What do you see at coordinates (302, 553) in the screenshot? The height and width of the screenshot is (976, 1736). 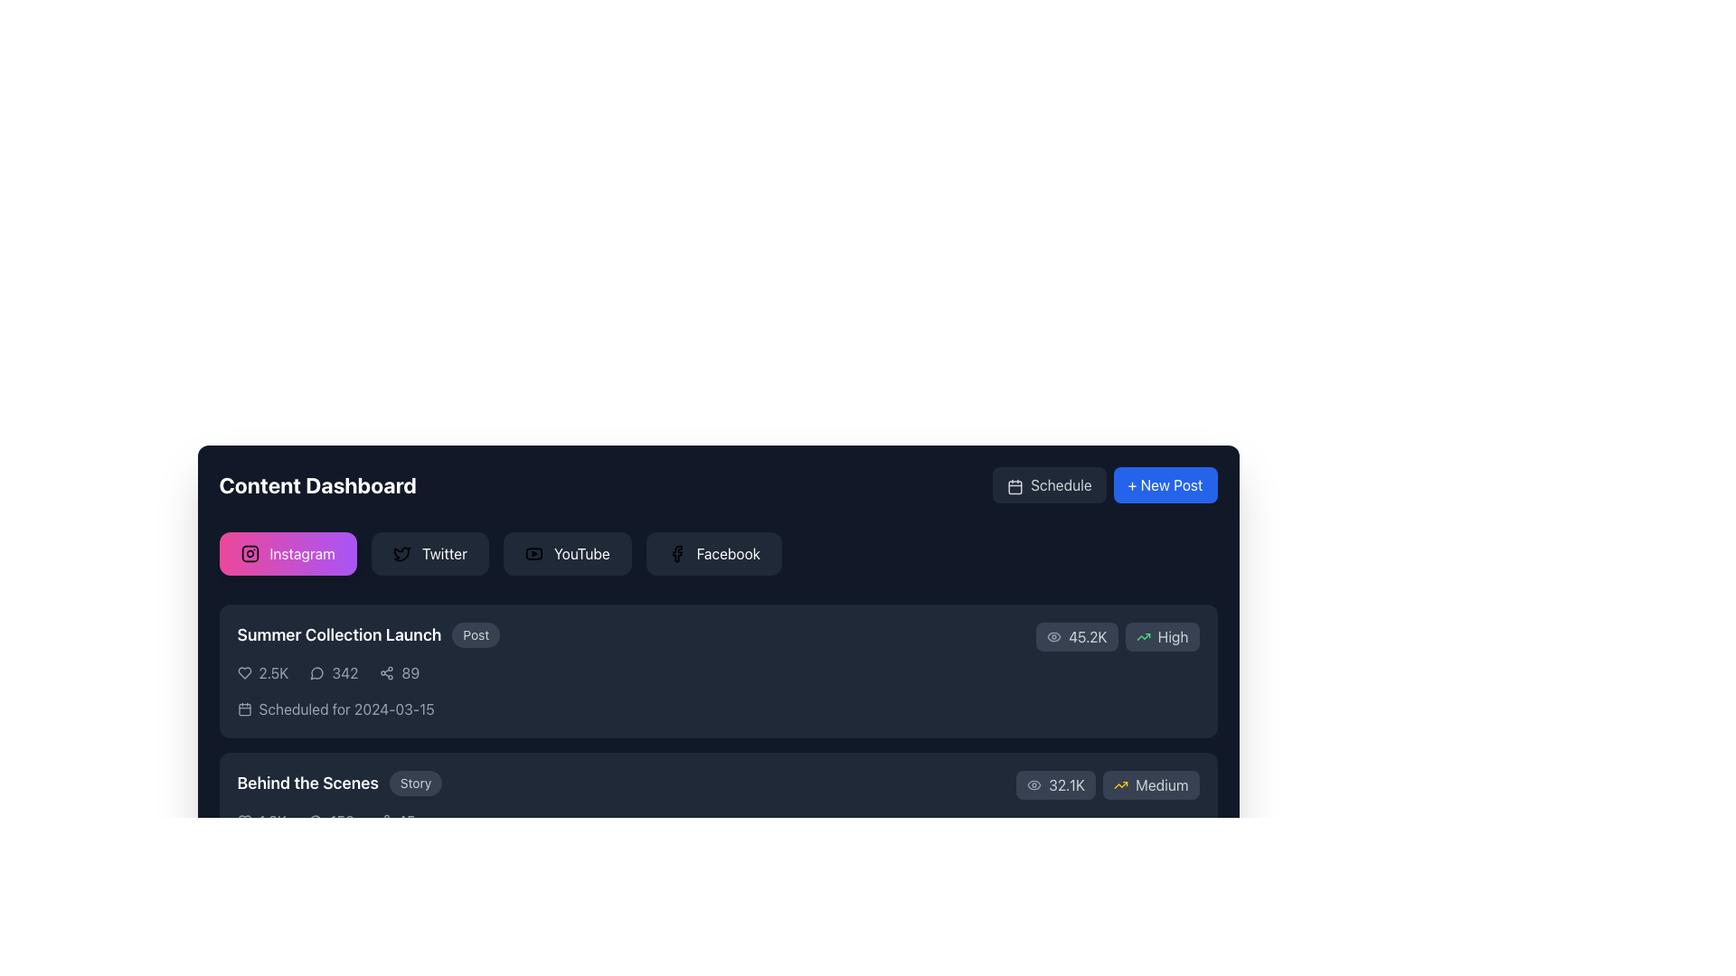 I see `the 'Instagram' text label, which is part of a button with a gradient background and located next to the Instagram logo` at bounding box center [302, 553].